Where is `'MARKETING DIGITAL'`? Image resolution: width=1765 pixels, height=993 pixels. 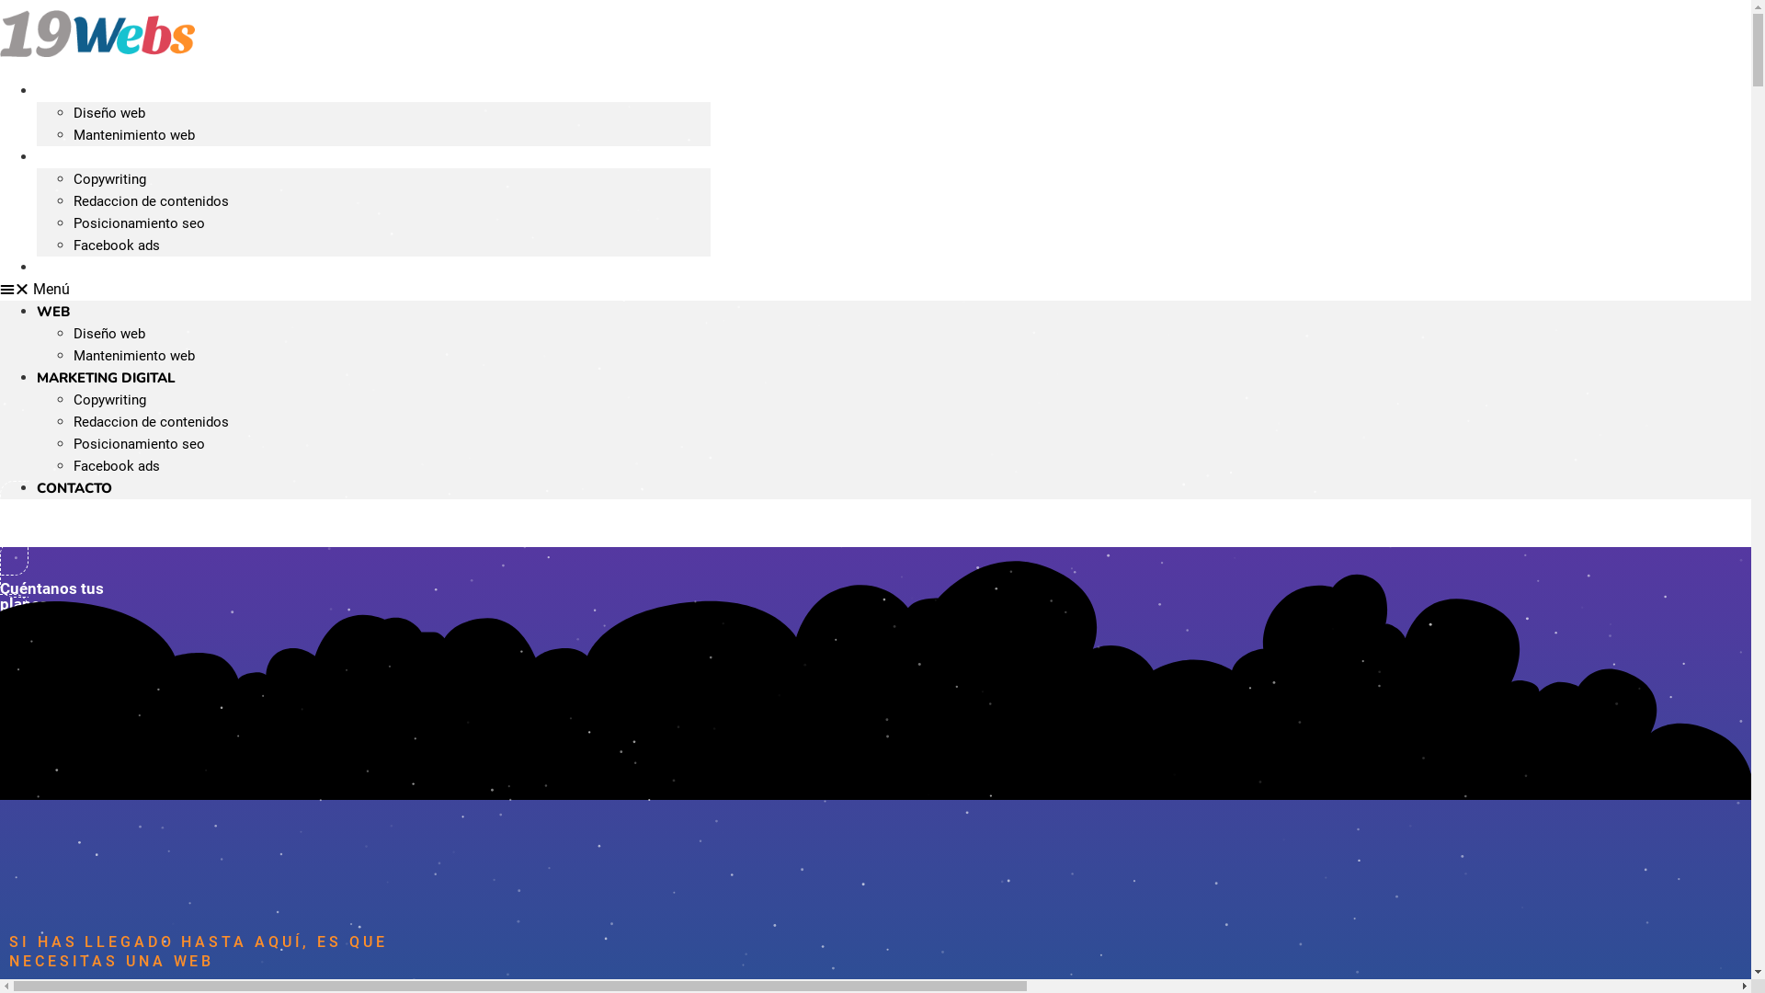 'MARKETING DIGITAL' is located at coordinates (105, 377).